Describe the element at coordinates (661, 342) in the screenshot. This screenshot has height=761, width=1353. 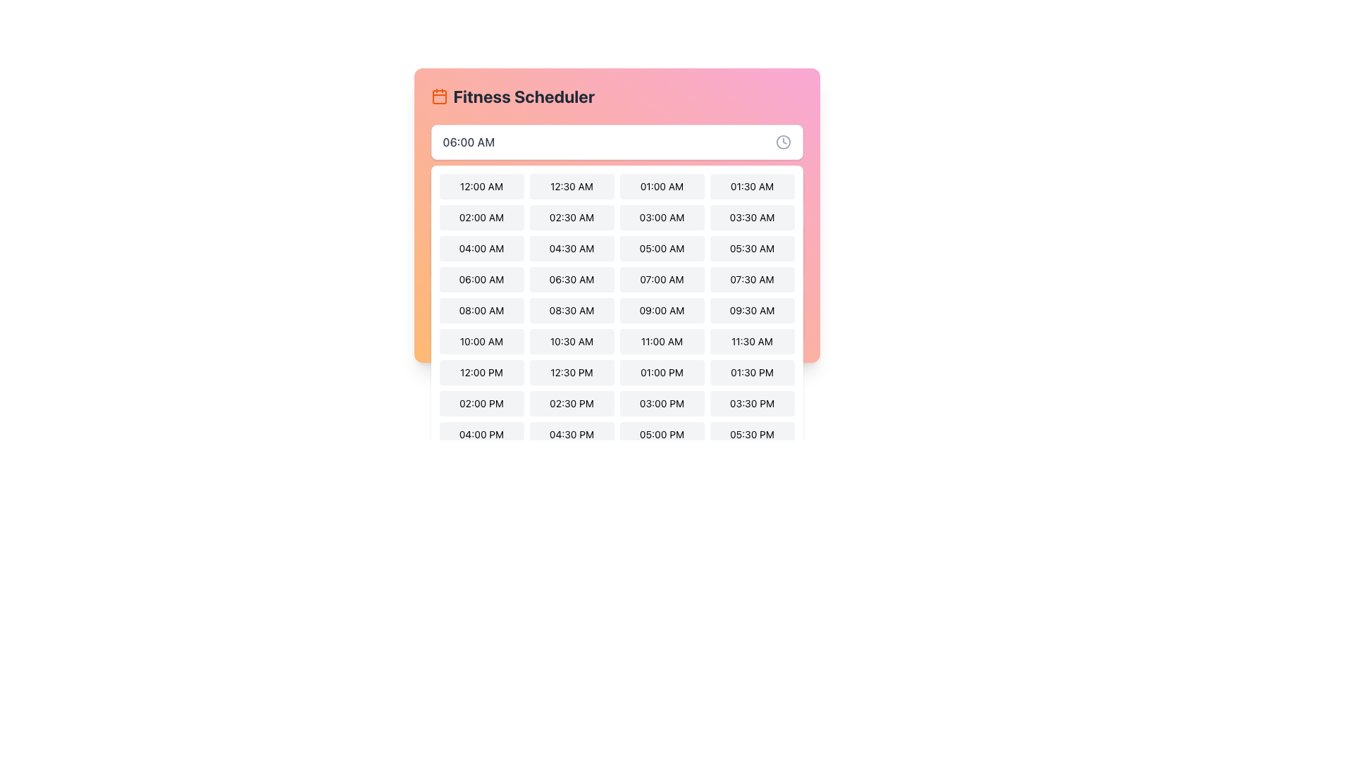
I see `the button in the time selection interface` at that location.